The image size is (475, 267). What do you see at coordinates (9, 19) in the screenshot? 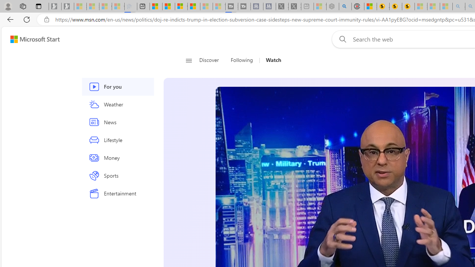
I see `'Back'` at bounding box center [9, 19].